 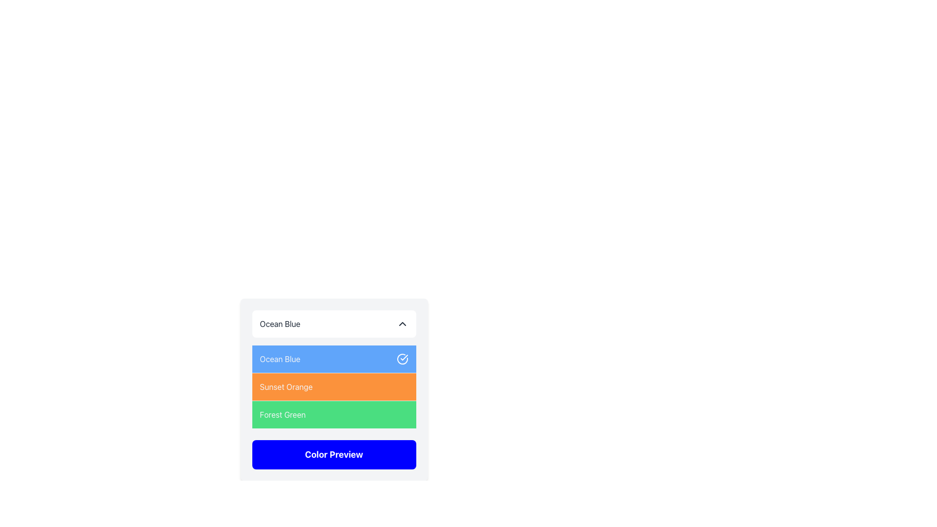 What do you see at coordinates (402, 324) in the screenshot?
I see `down-chevron dropdown toggle icon located at the far right of the white rounded rectangle box labeled 'Ocean Blue' for additional actions` at bounding box center [402, 324].